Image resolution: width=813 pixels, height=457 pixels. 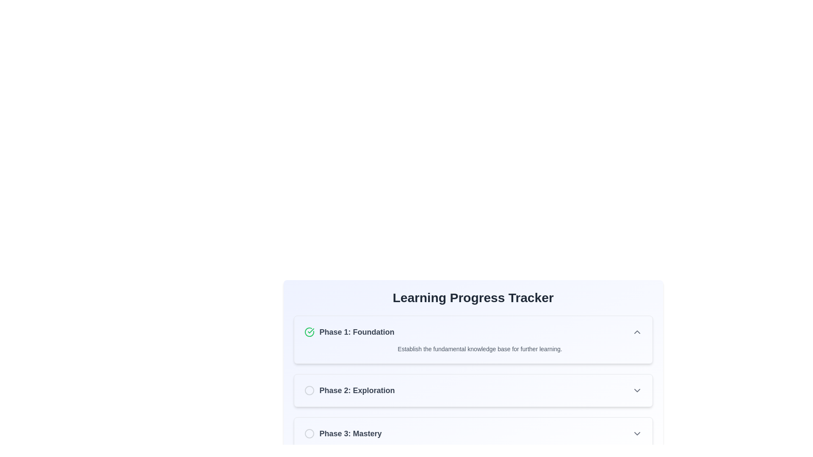 What do you see at coordinates (343, 434) in the screenshot?
I see `the List item representing 'Phase 3: Mastery' in the multi-step learning progress tracker, located below 'Phase 1: Foundation' and 'Phase 2: Exploration'` at bounding box center [343, 434].